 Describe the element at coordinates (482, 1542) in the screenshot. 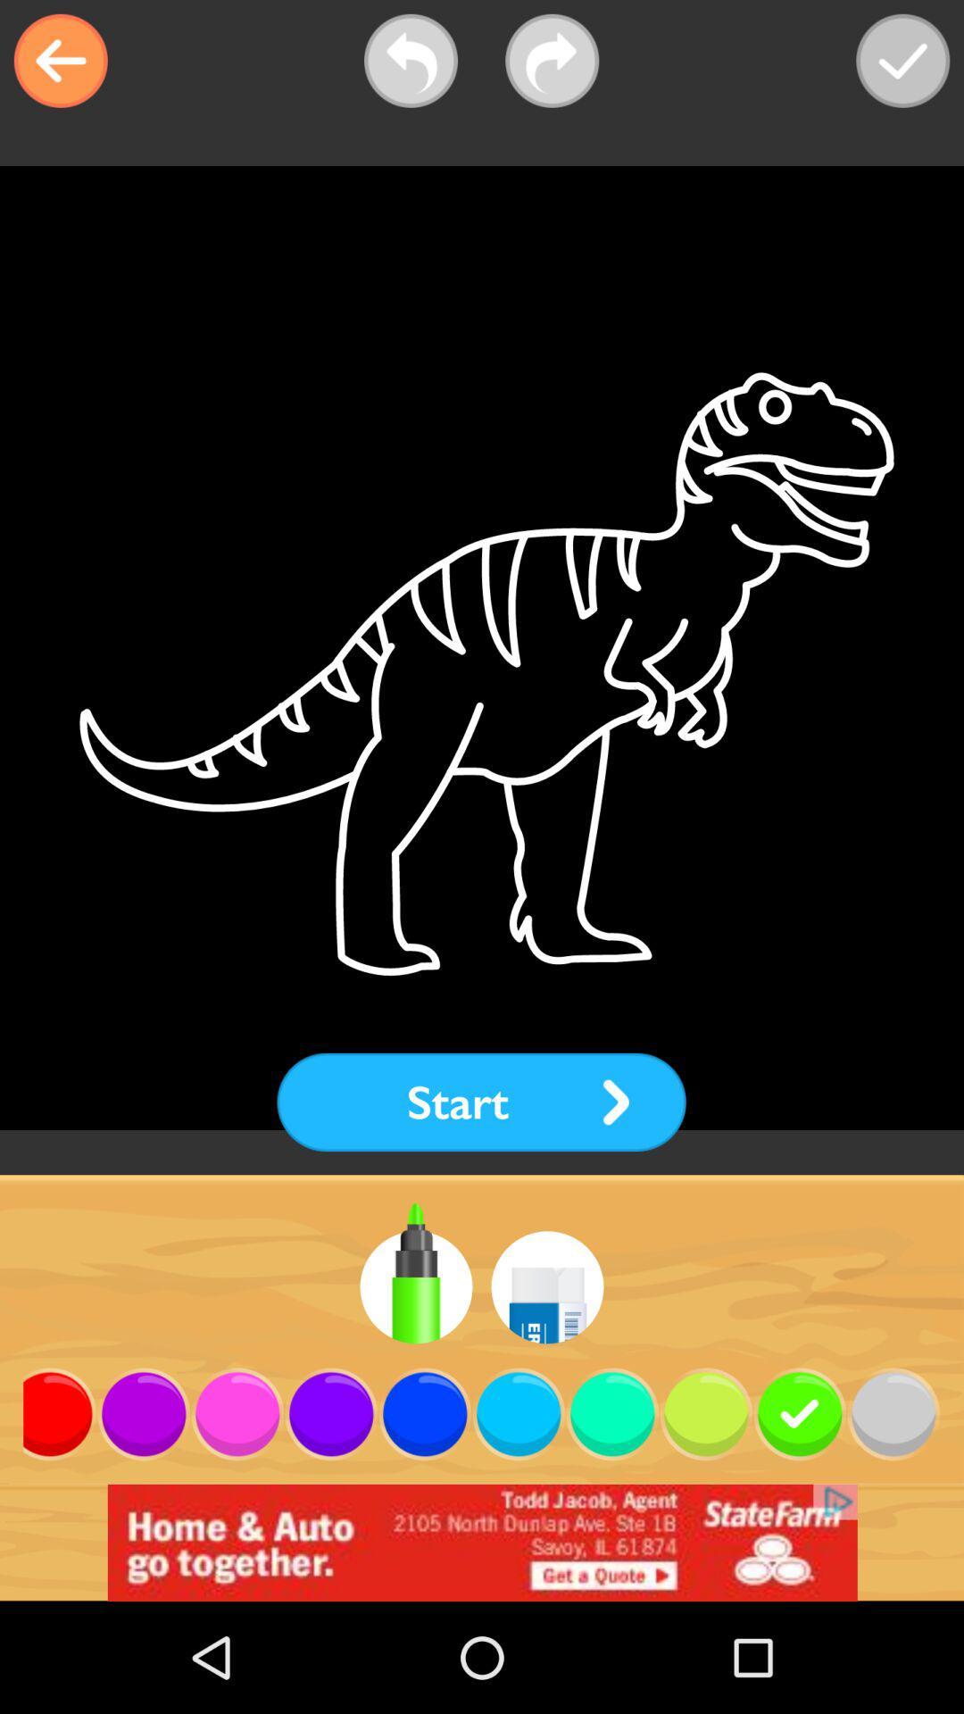

I see `open an advertisement` at that location.